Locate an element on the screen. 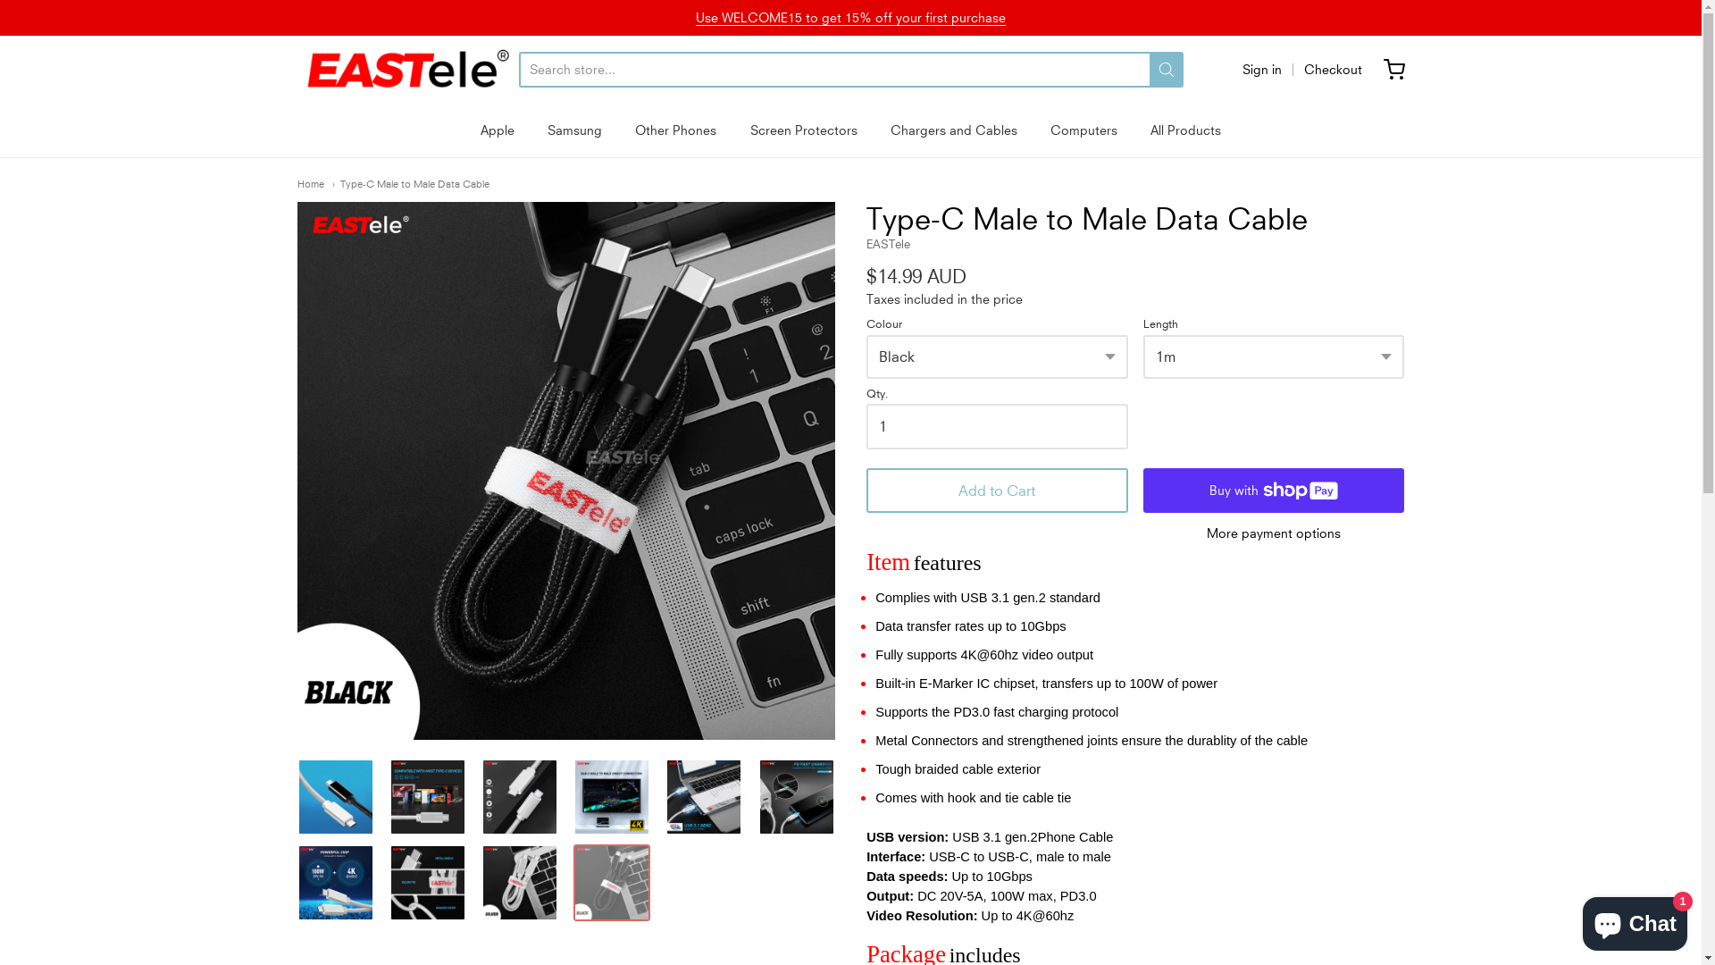 Image resolution: width=1715 pixels, height=965 pixels. 'Samsung' is located at coordinates (547, 130).